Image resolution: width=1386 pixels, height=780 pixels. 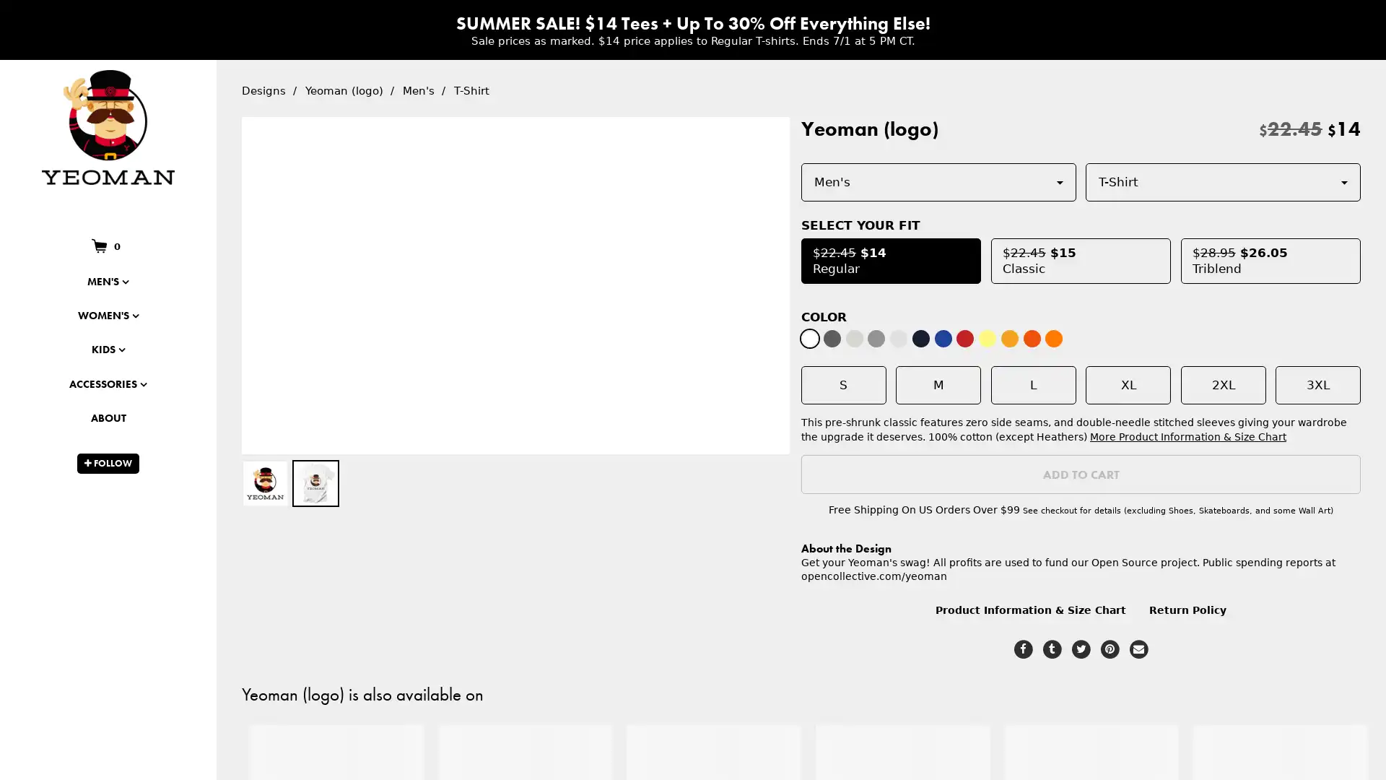 What do you see at coordinates (1084, 474) in the screenshot?
I see `ADD TO CART` at bounding box center [1084, 474].